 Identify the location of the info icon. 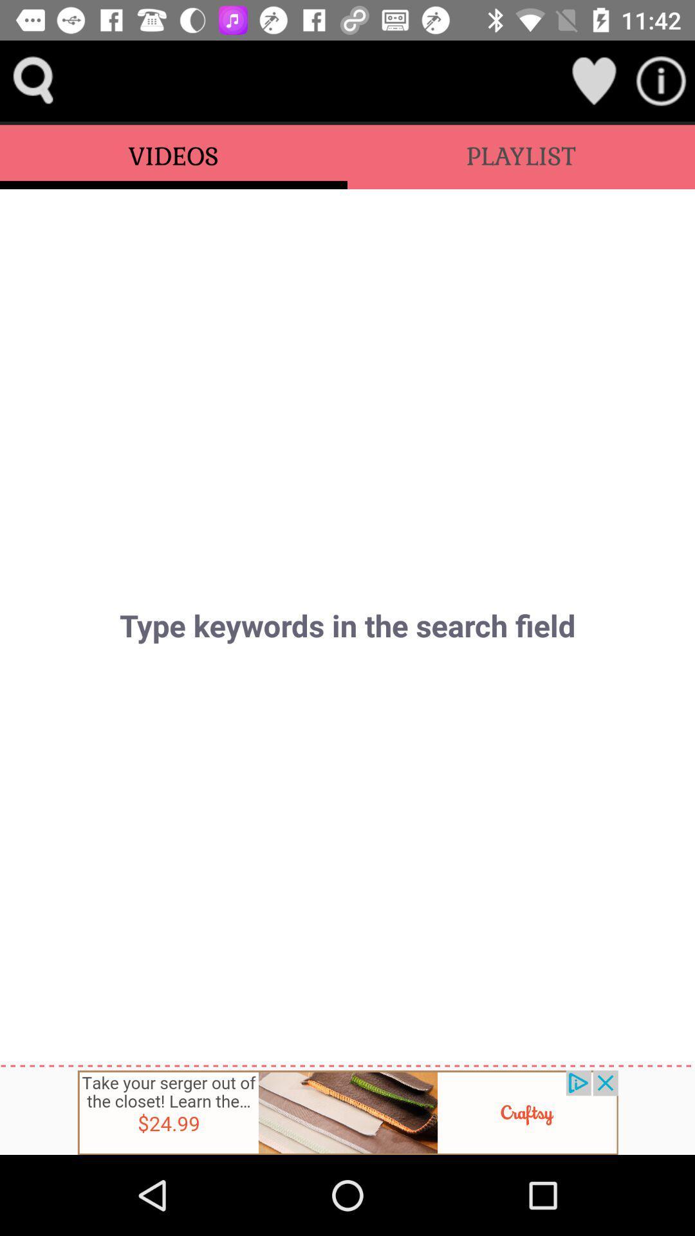
(661, 80).